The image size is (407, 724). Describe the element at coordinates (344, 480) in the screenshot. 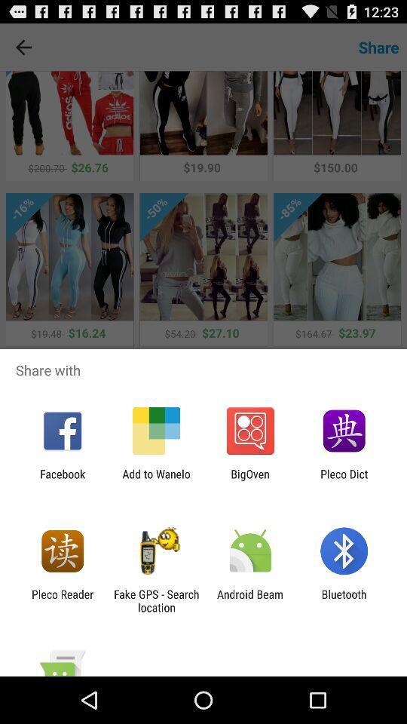

I see `the pleco dict item` at that location.